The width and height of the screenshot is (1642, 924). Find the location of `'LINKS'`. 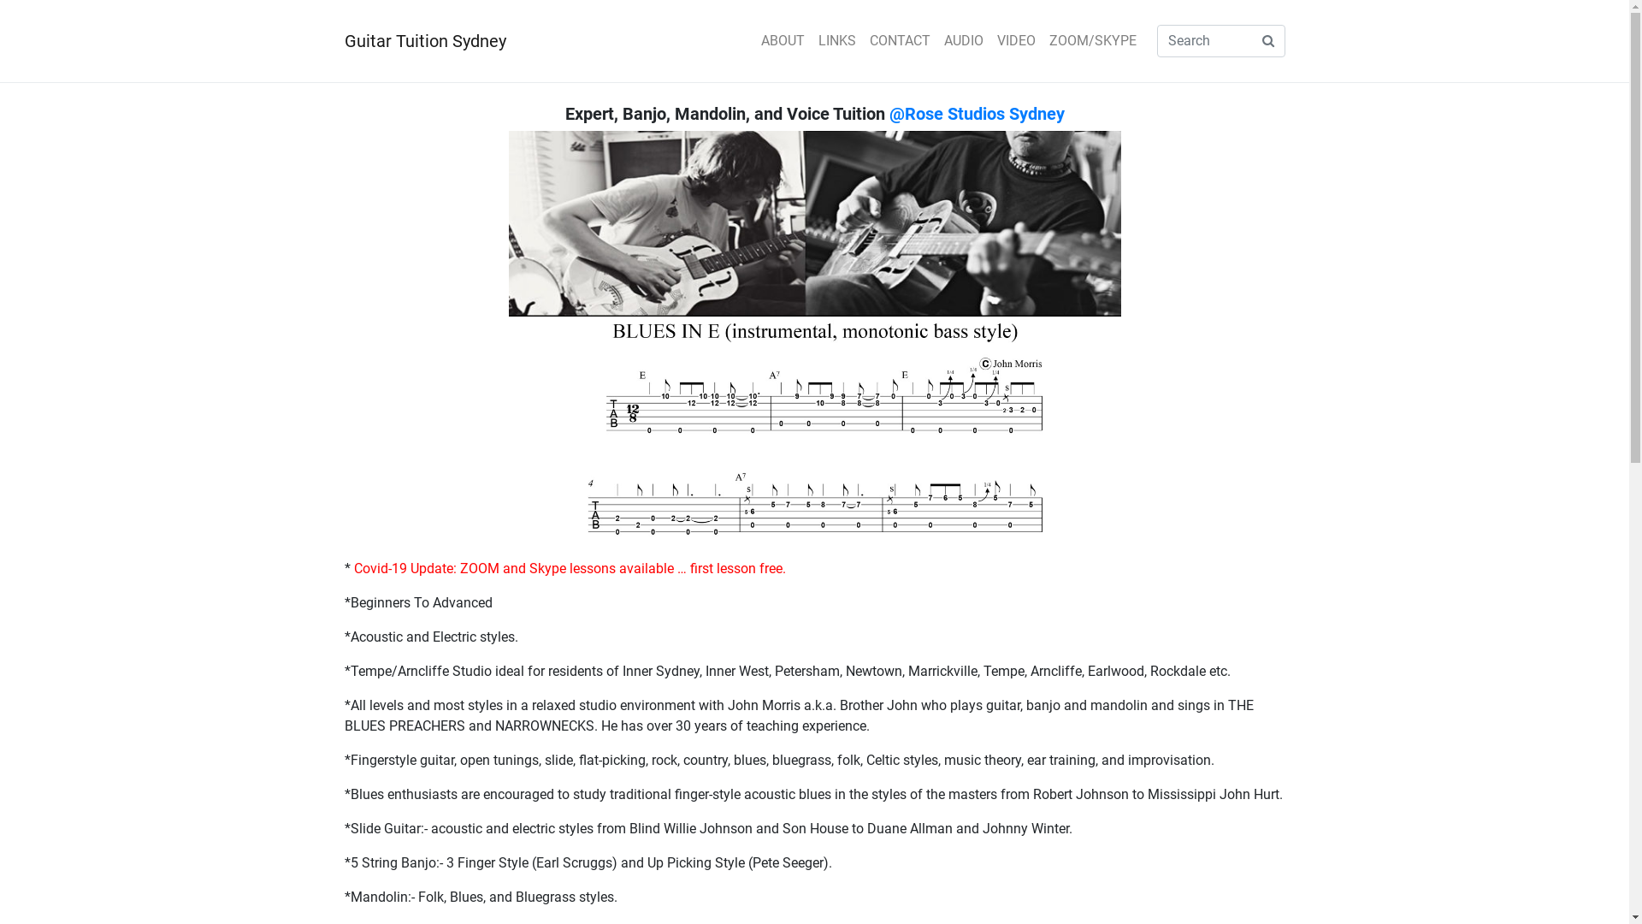

'LINKS' is located at coordinates (836, 39).